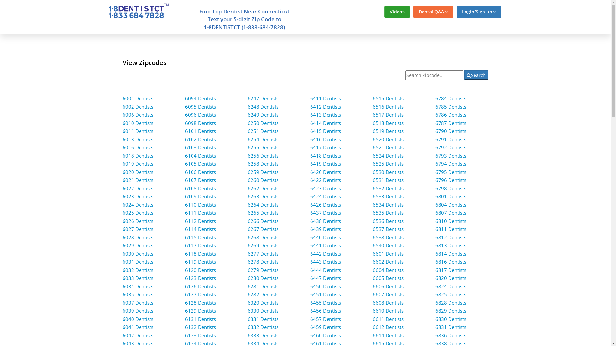  I want to click on '6112 Dentists', so click(200, 221).